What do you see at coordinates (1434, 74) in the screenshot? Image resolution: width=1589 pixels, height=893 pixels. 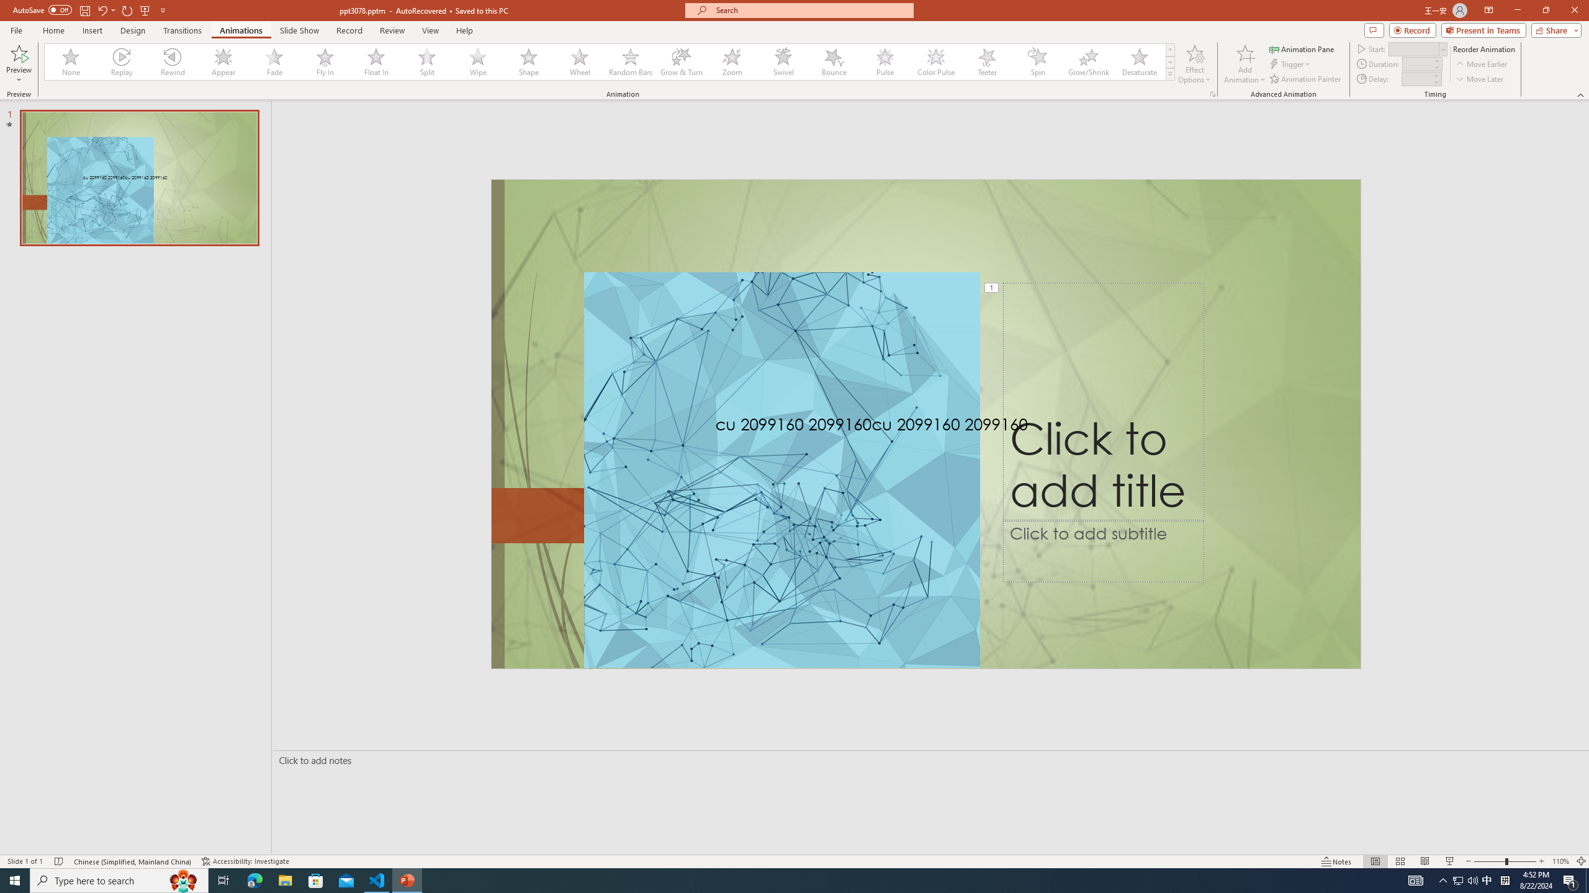 I see `'More'` at bounding box center [1434, 74].